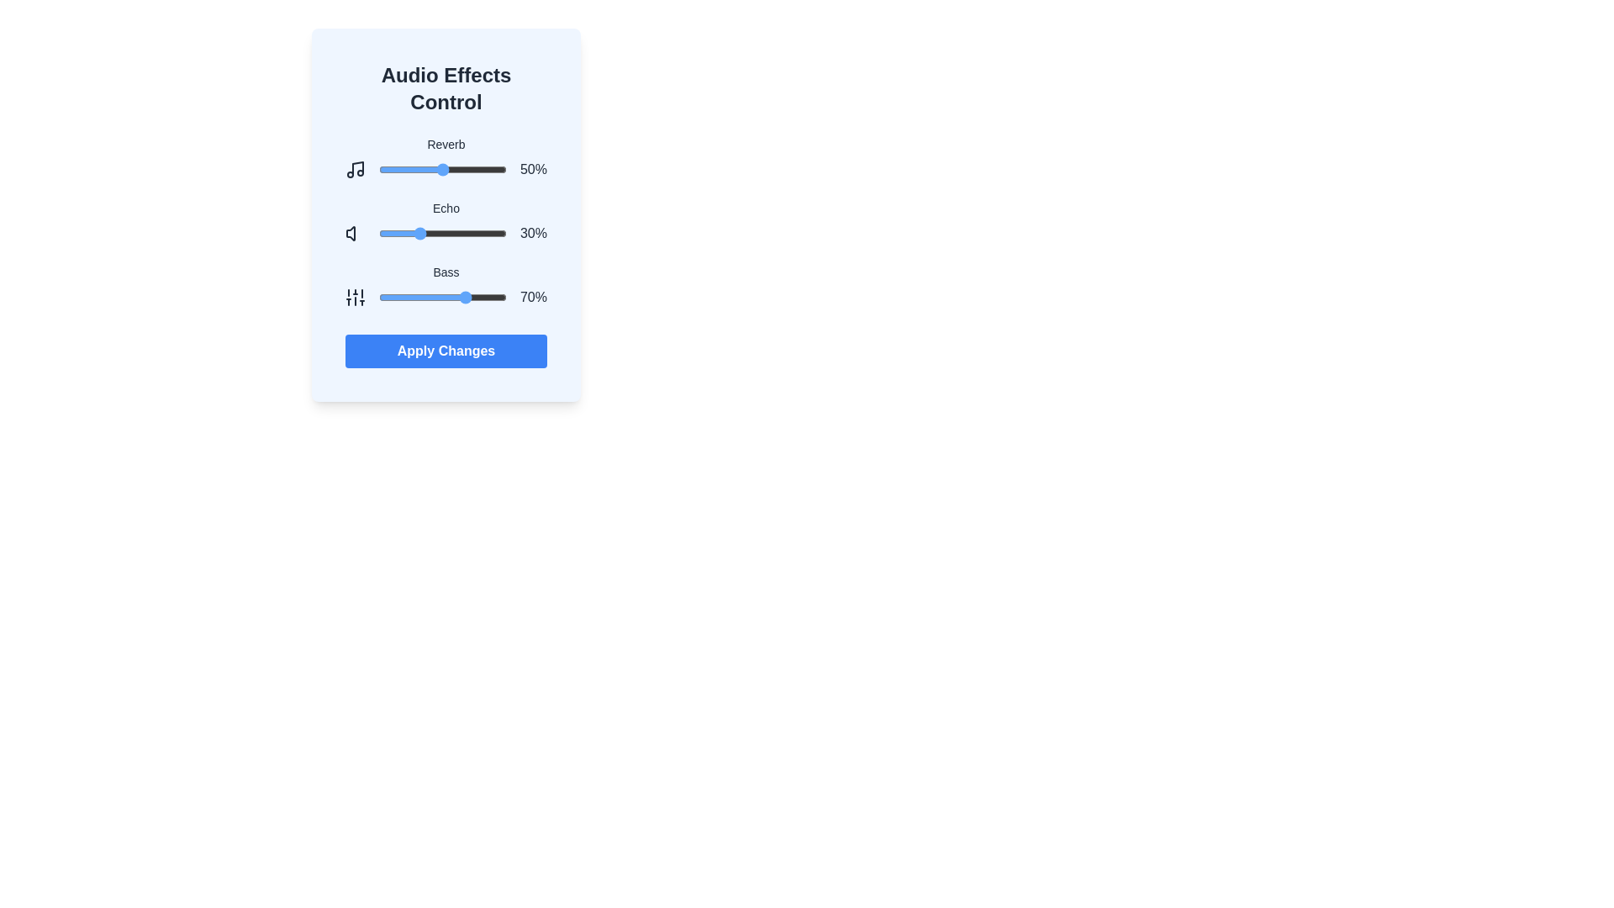  Describe the element at coordinates (354, 297) in the screenshot. I see `the 'Bass' control icon, which is the leftmost element in the 'Bass' control row of the audio control interface, positioned to the left of the horizontal slider and '70%' text` at that location.